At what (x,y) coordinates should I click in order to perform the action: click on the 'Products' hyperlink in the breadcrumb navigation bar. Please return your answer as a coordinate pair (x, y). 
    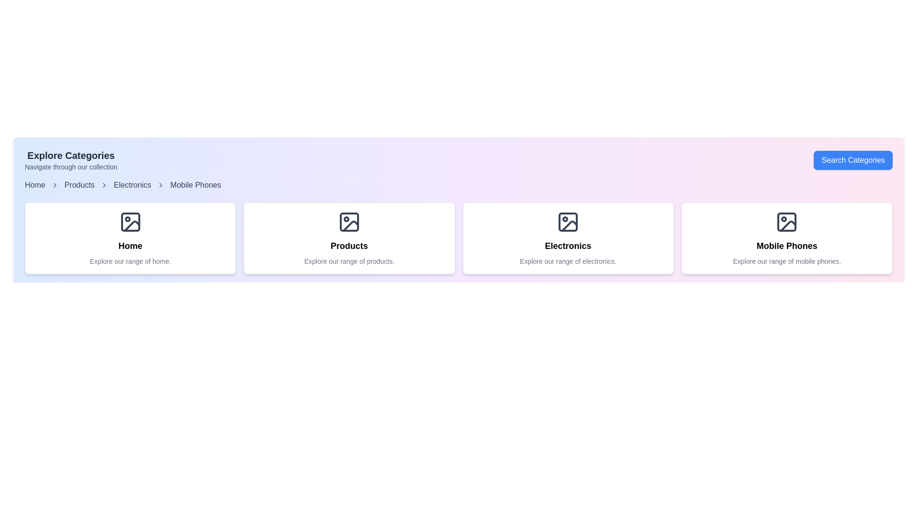
    Looking at the image, I should click on (79, 185).